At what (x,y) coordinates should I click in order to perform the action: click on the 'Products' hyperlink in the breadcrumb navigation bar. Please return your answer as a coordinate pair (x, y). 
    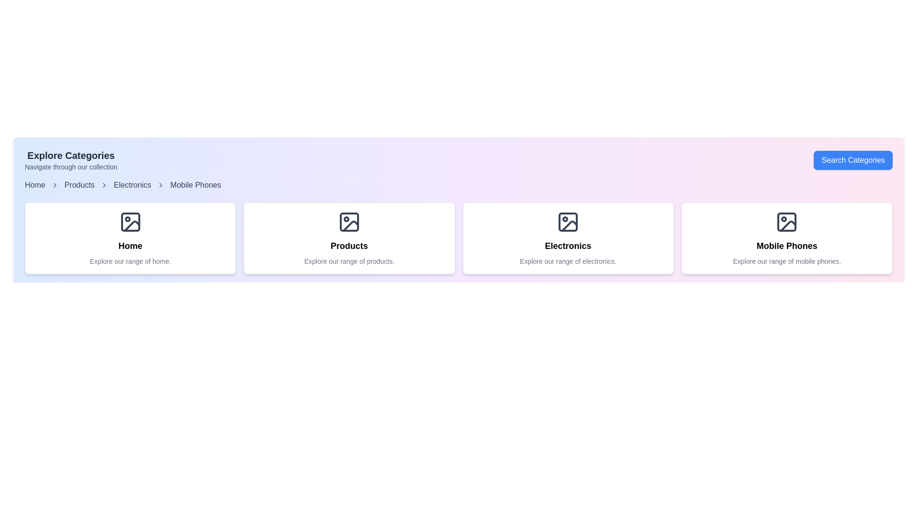
    Looking at the image, I should click on (79, 185).